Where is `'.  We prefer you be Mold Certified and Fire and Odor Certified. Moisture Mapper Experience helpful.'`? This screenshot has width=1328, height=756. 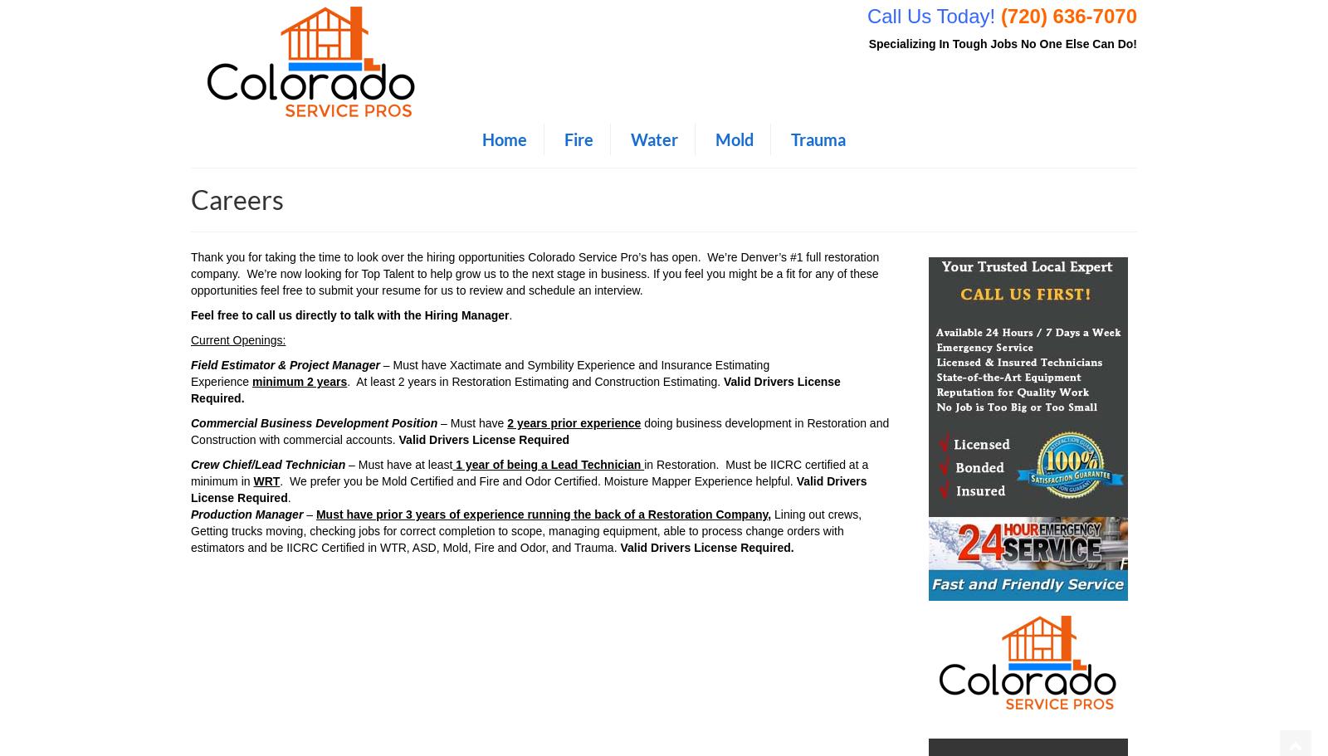
'.  We prefer you be Mold Certified and Fire and Odor Certified. Moisture Mapper Experience helpful.' is located at coordinates (538, 481).